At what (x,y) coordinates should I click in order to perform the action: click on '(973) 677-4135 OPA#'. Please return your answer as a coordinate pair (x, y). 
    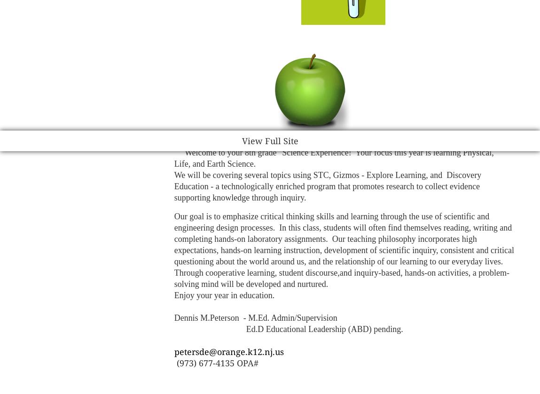
    Looking at the image, I should click on (215, 362).